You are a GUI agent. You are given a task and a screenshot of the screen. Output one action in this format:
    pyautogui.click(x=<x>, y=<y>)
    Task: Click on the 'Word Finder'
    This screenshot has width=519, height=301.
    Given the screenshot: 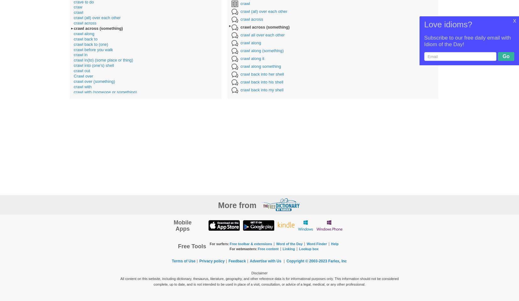 What is the action you would take?
    pyautogui.click(x=316, y=244)
    